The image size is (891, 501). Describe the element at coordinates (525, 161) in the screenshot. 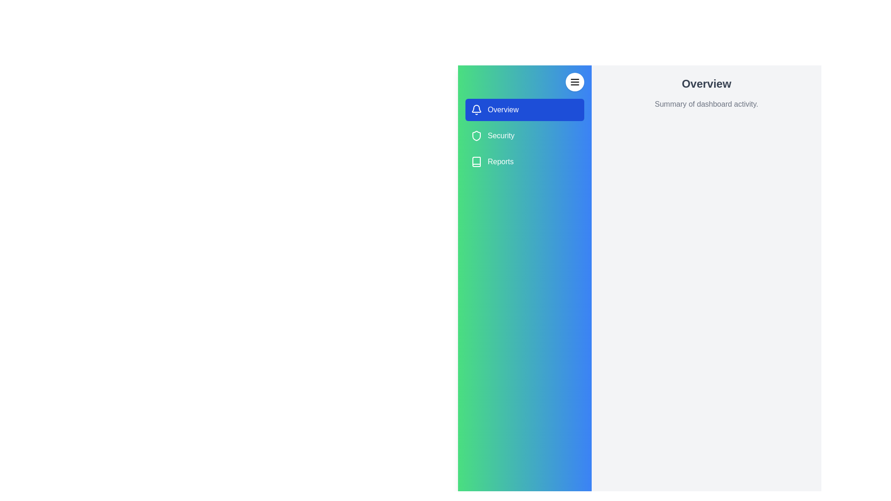

I see `the menu item corresponding to the section Reports` at that location.